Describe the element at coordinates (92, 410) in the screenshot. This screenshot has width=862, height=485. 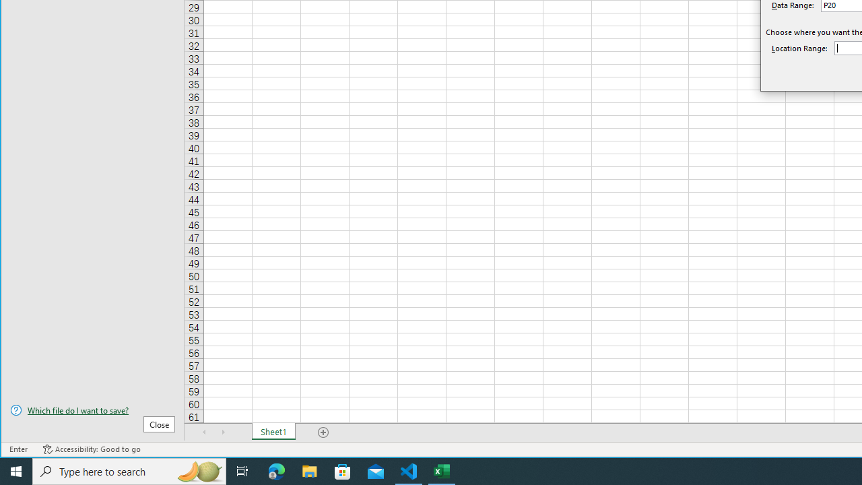
I see `'Which file do I want to save?'` at that location.